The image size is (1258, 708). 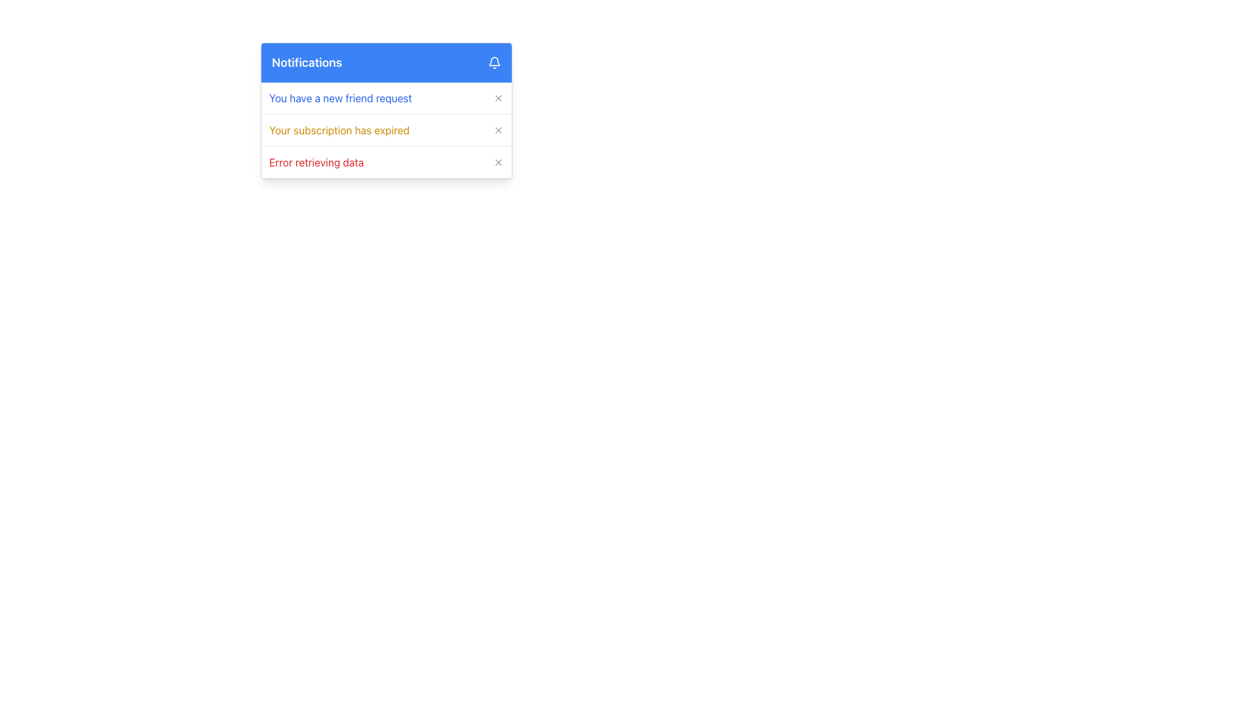 What do you see at coordinates (316, 161) in the screenshot?
I see `static text label that states 'Error retrieving data', which is styled in red color and is located in the notification panel as the third item in a vertical list of notifications` at bounding box center [316, 161].